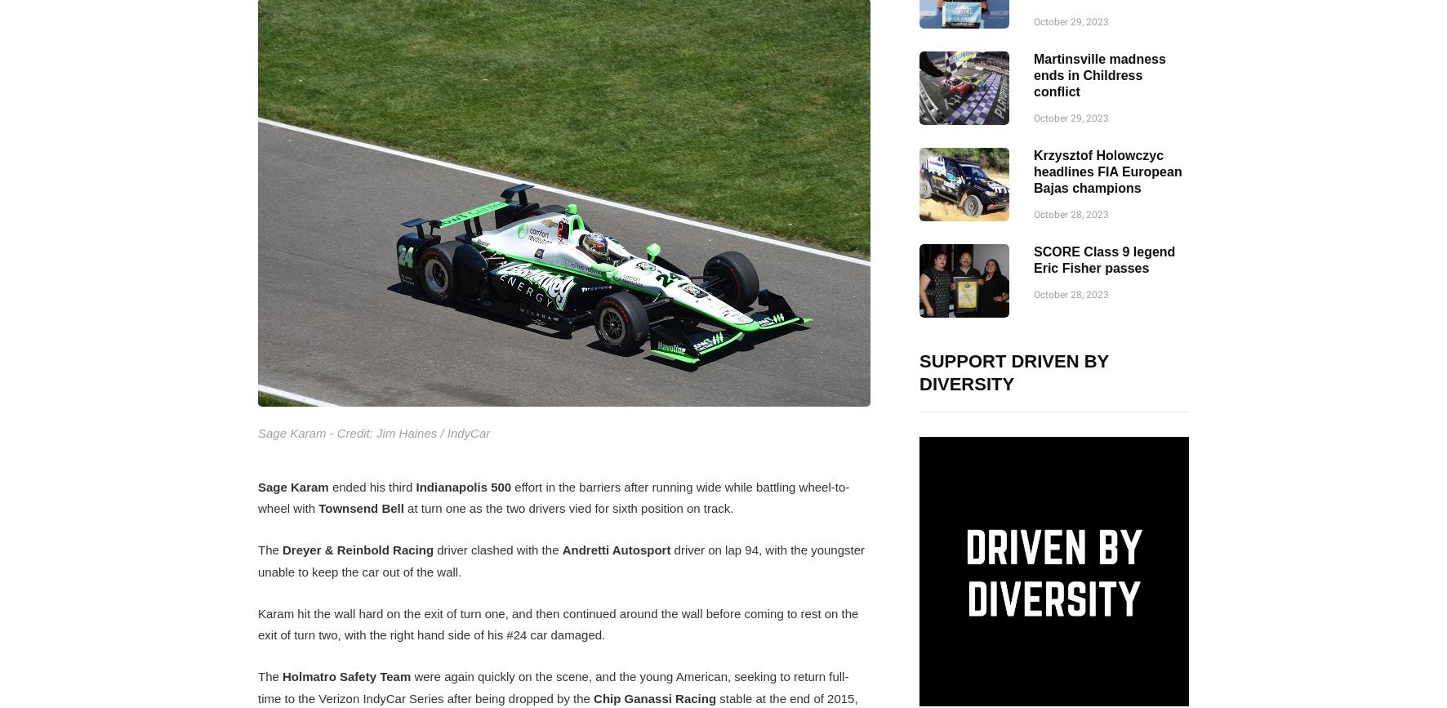 This screenshot has width=1447, height=708. What do you see at coordinates (318, 507) in the screenshot?
I see `'Townsend Bell'` at bounding box center [318, 507].